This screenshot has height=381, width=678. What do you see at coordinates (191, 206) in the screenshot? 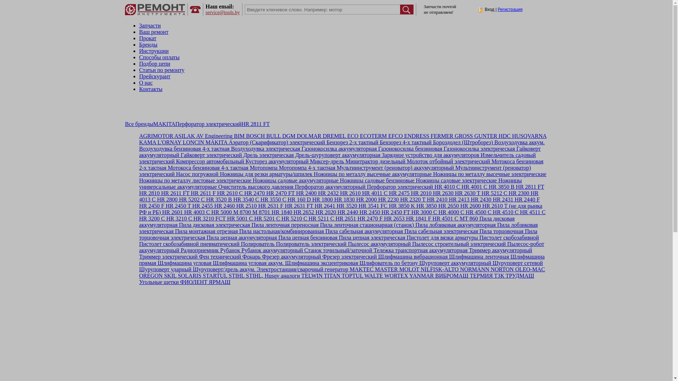
I see `'HR 2455'` at bounding box center [191, 206].